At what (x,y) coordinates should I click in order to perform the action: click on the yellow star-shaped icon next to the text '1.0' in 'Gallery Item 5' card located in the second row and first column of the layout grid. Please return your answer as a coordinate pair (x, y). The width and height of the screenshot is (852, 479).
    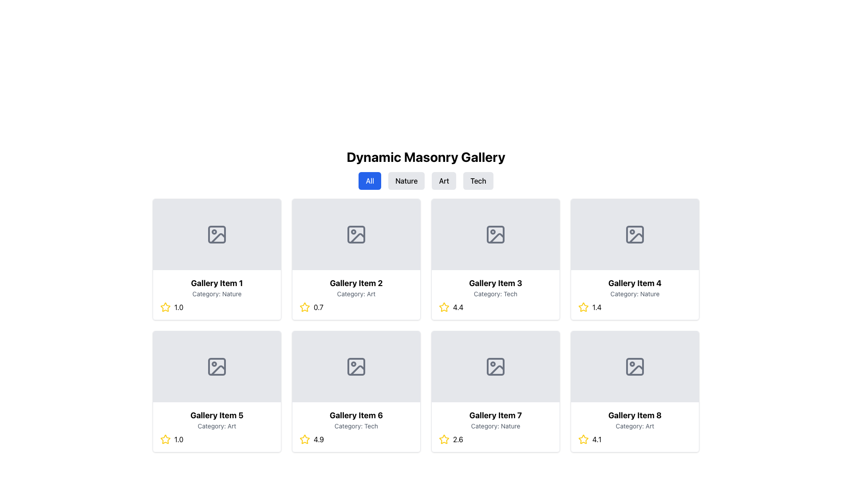
    Looking at the image, I should click on (166, 440).